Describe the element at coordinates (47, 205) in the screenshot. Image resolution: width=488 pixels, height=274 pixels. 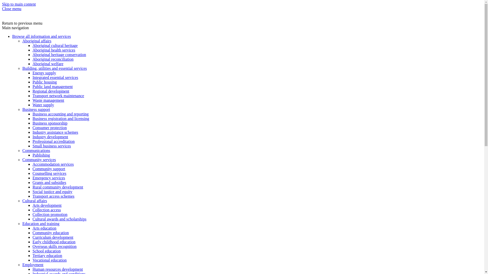
I see `'Arts development'` at that location.